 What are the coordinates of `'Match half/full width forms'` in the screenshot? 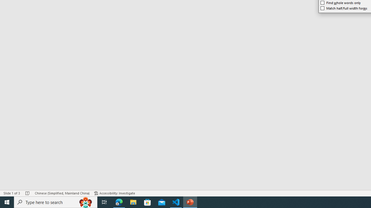 It's located at (344, 8).